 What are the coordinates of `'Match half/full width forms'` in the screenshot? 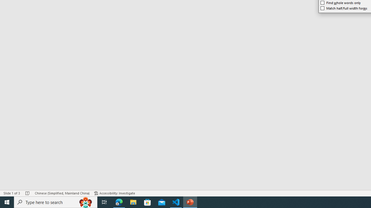 It's located at (344, 8).